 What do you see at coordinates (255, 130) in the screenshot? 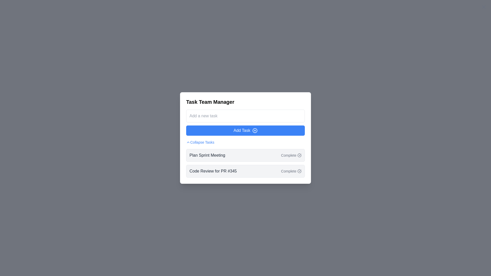
I see `circular icon with a plus sign inside located within the 'Add Task' button for debugging purposes` at bounding box center [255, 130].